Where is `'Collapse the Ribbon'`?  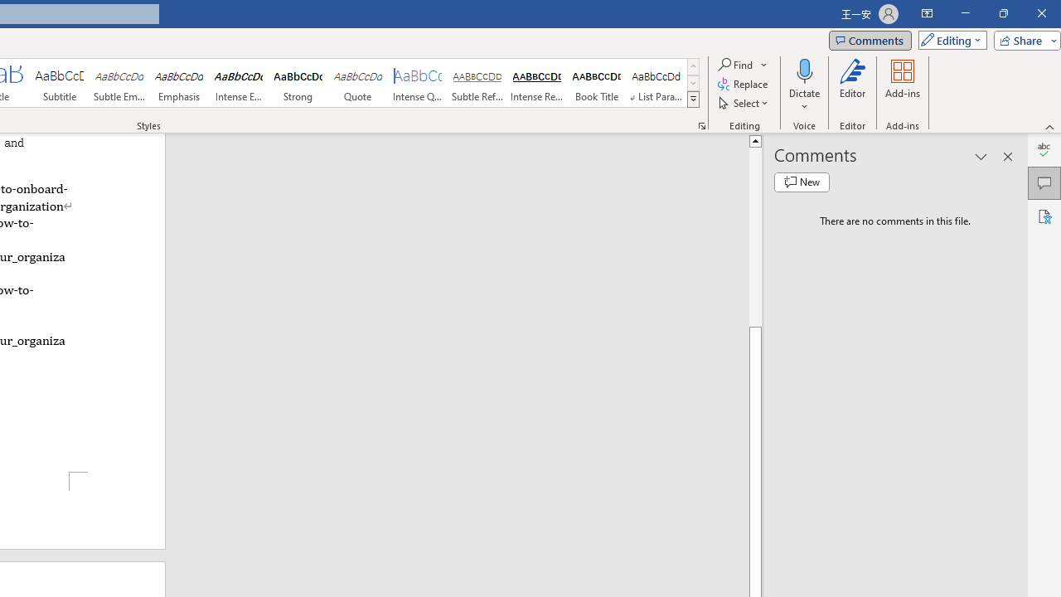
'Collapse the Ribbon' is located at coordinates (1049, 126).